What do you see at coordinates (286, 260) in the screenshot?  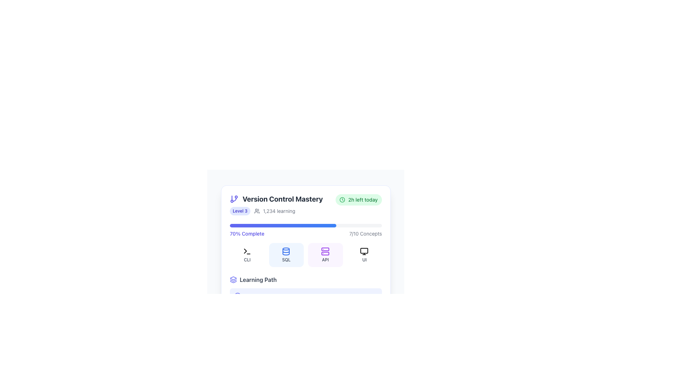 I see `the 'SQL' text label located at the bottom of the second card from the left in a row of horizontally aligned cards` at bounding box center [286, 260].